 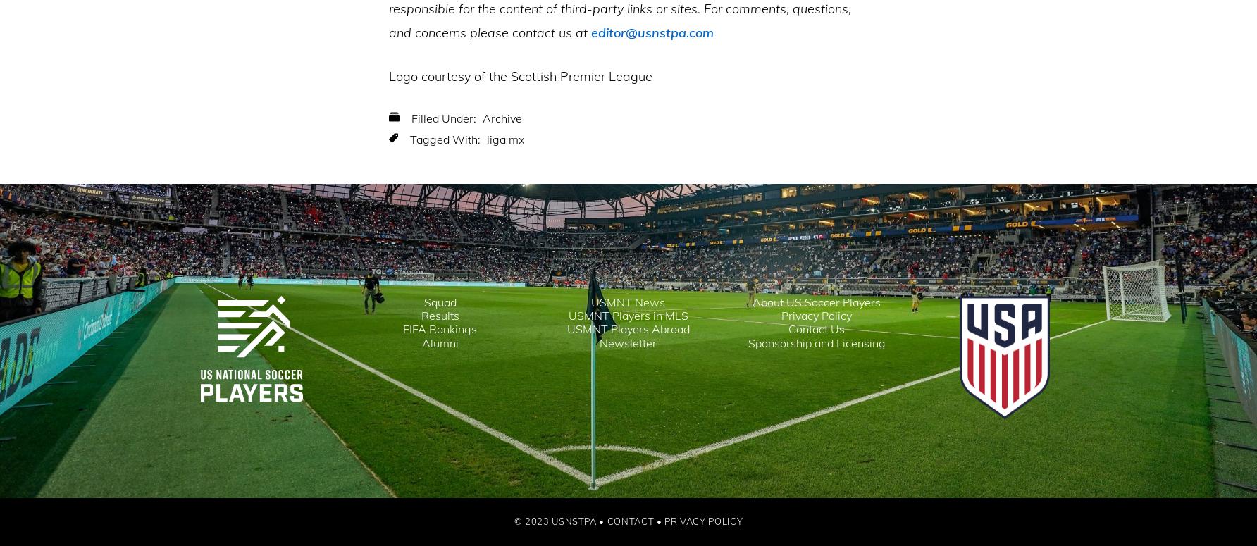 What do you see at coordinates (445, 139) in the screenshot?
I see `'Tagged With:'` at bounding box center [445, 139].